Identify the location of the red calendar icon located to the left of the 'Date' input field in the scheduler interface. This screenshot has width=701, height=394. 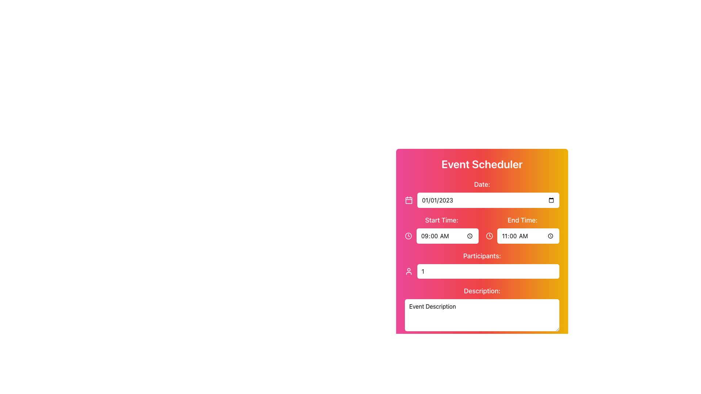
(408, 200).